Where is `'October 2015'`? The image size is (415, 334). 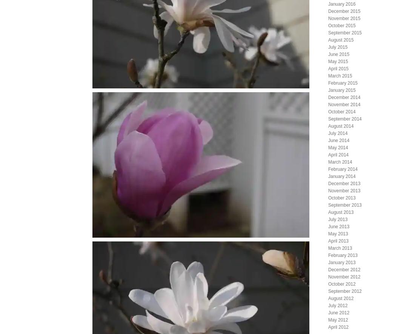 'October 2015' is located at coordinates (341, 25).